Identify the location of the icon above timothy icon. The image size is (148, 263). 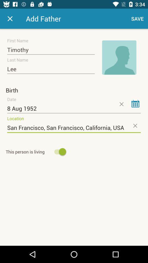
(10, 19).